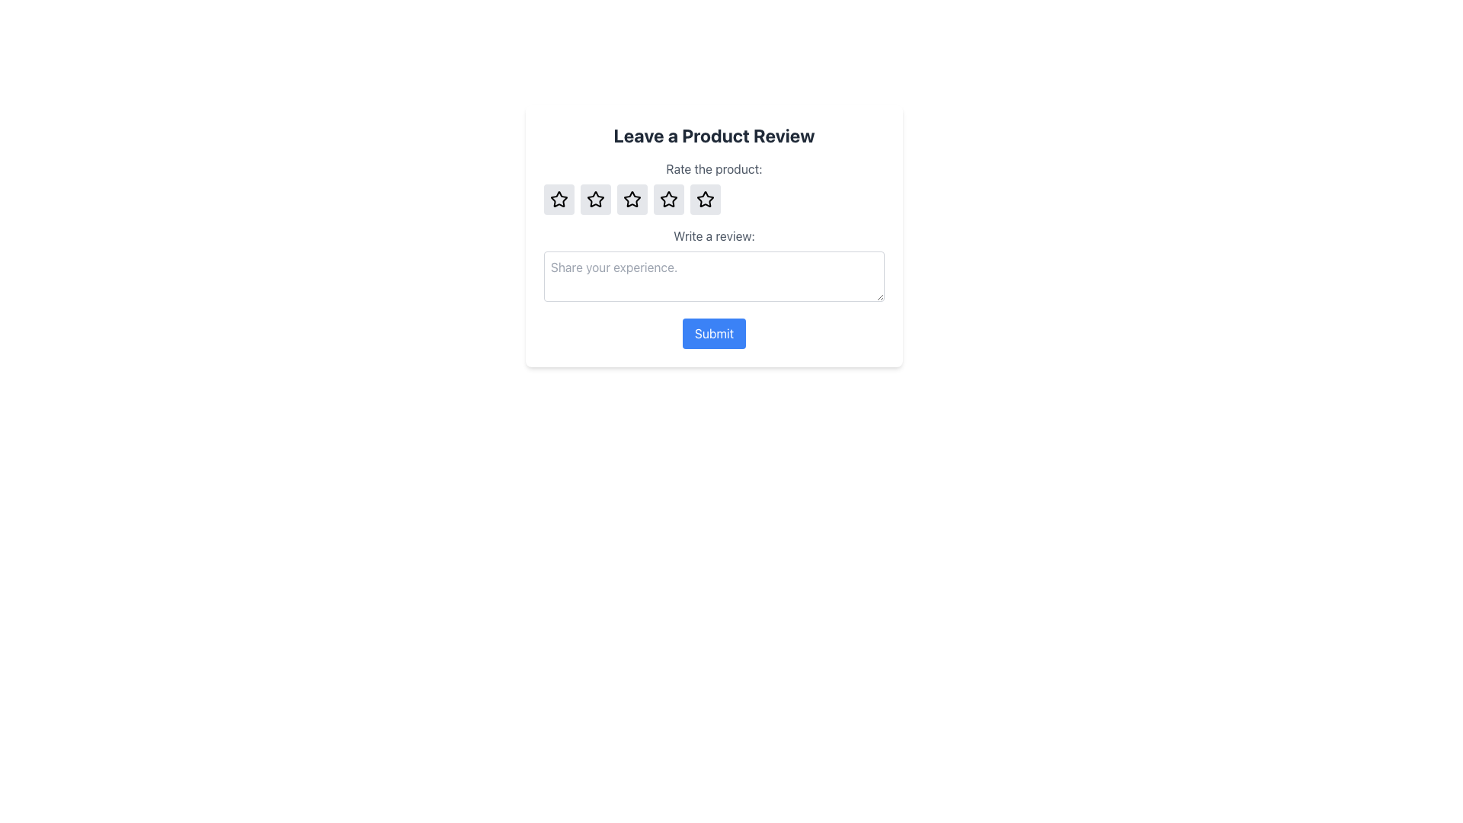 The width and height of the screenshot is (1463, 823). What do you see at coordinates (595, 198) in the screenshot?
I see `the second star icon in the five-star rating system` at bounding box center [595, 198].